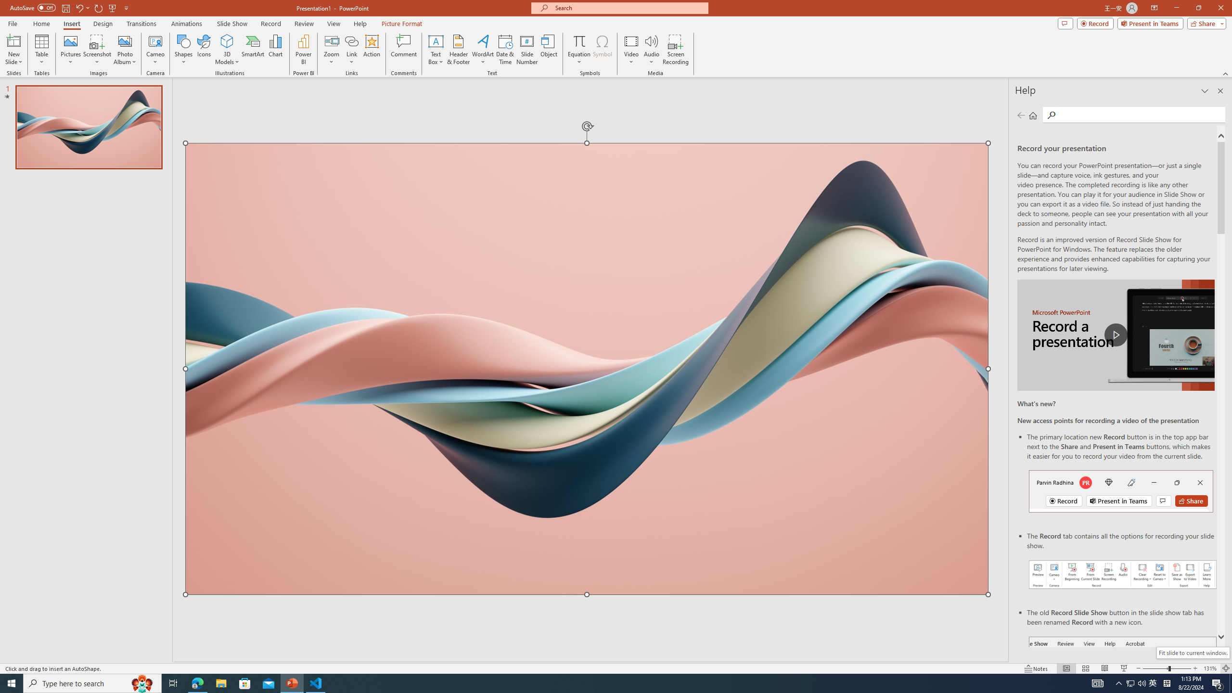 This screenshot has height=693, width=1232. What do you see at coordinates (97, 50) in the screenshot?
I see `'Screenshot'` at bounding box center [97, 50].